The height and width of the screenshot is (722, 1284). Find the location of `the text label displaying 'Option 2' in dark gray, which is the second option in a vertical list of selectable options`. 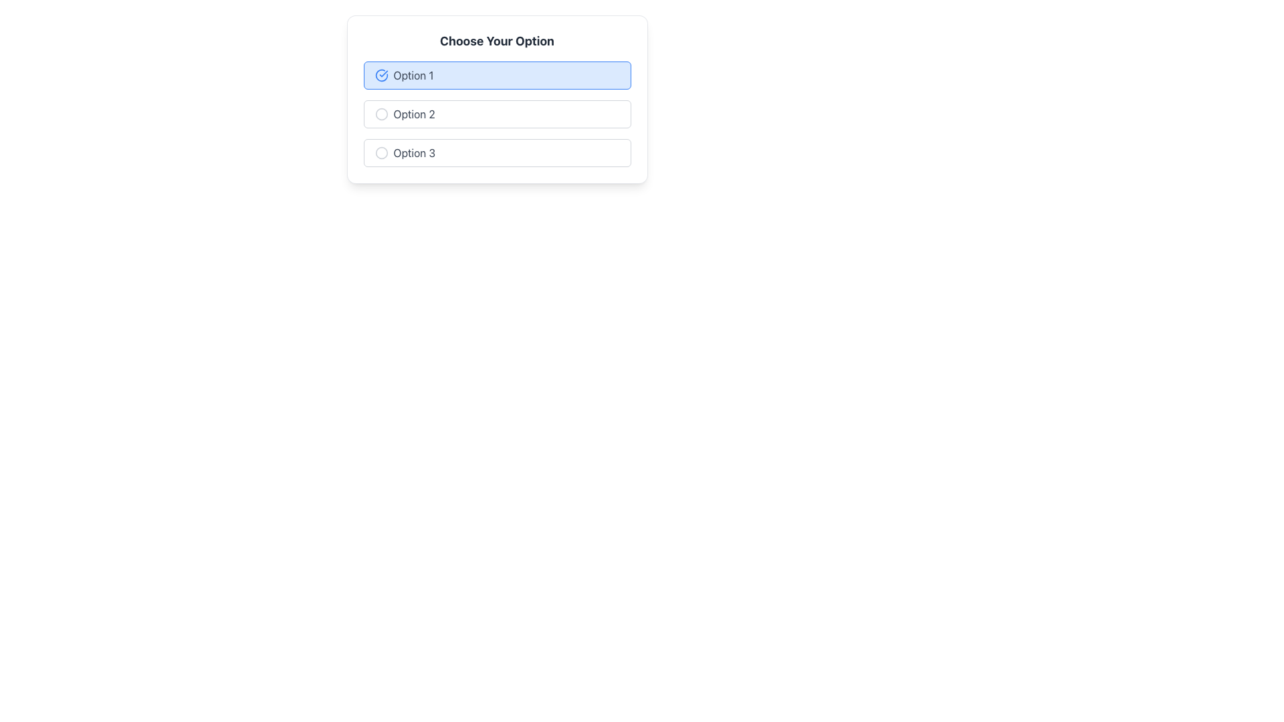

the text label displaying 'Option 2' in dark gray, which is the second option in a vertical list of selectable options is located at coordinates (413, 113).